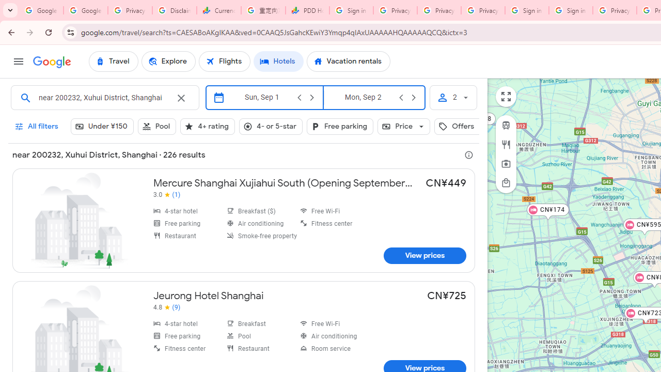 This screenshot has height=372, width=661. I want to click on 'Vacation rentals', so click(348, 61).